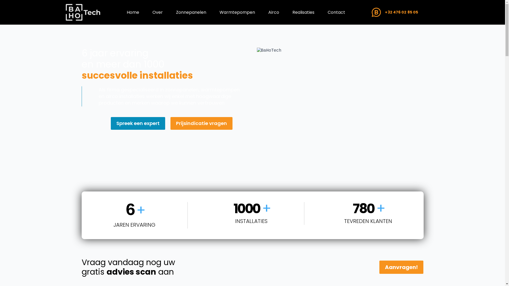 The image size is (509, 286). I want to click on 'Contact', so click(322, 12).